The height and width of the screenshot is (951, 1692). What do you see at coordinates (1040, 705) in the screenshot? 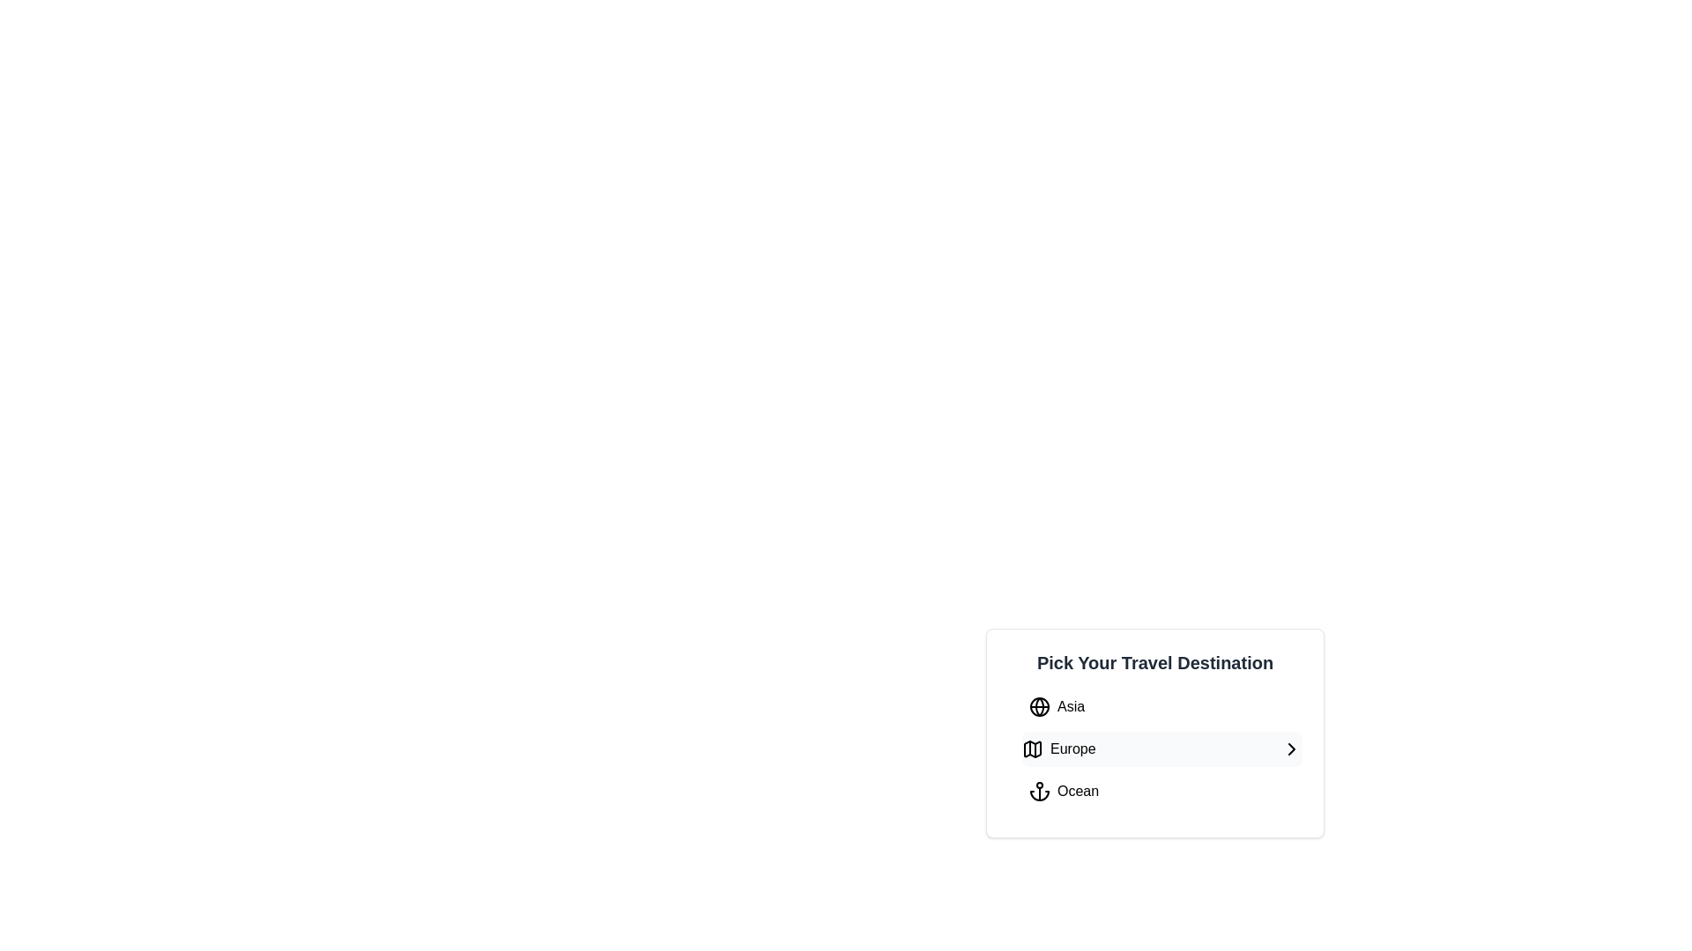
I see `the circular icon element representing a globe, located at the center of the globe icon next to the text 'Asia' in the travel destinations menu` at bounding box center [1040, 705].